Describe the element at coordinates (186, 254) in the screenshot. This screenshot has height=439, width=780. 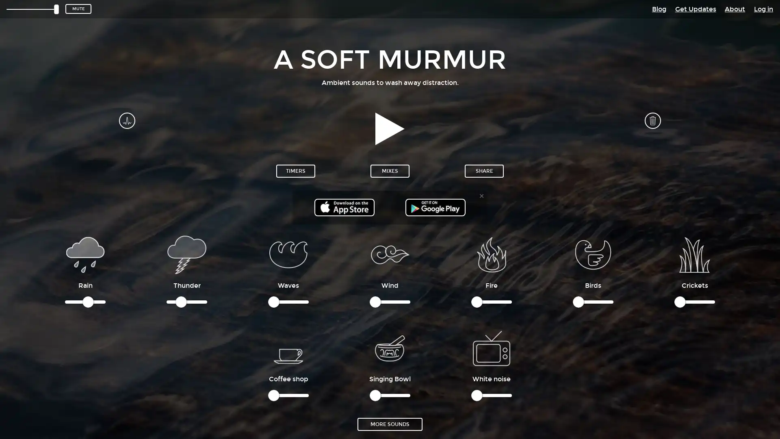
I see `Loading icon` at that location.